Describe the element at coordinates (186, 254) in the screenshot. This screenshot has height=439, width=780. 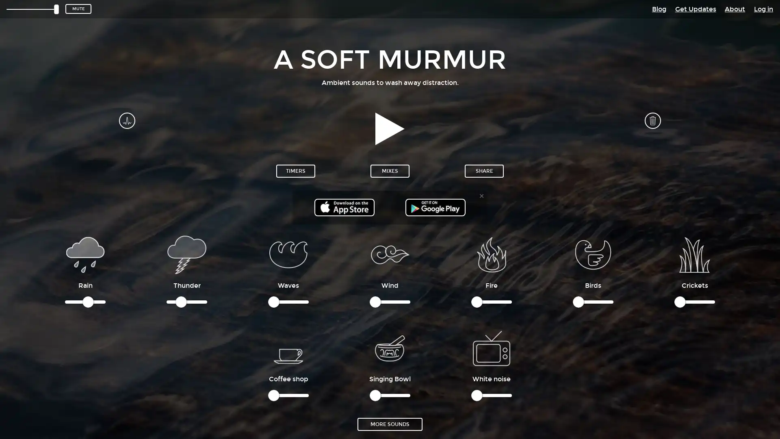
I see `Loading icon` at that location.